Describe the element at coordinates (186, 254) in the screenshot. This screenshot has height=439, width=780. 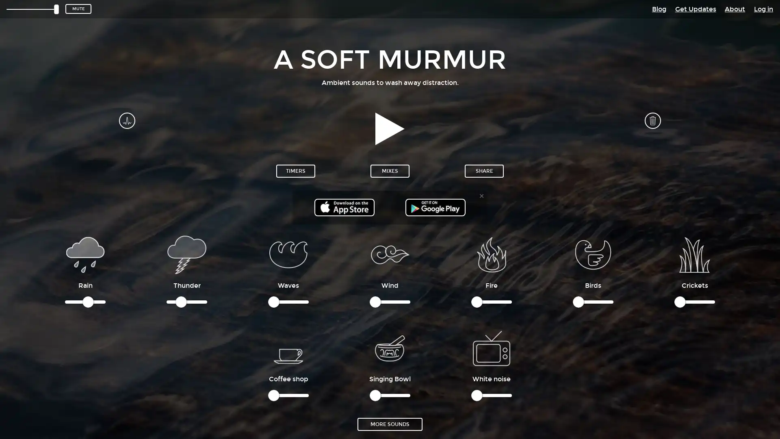
I see `Loading icon` at that location.